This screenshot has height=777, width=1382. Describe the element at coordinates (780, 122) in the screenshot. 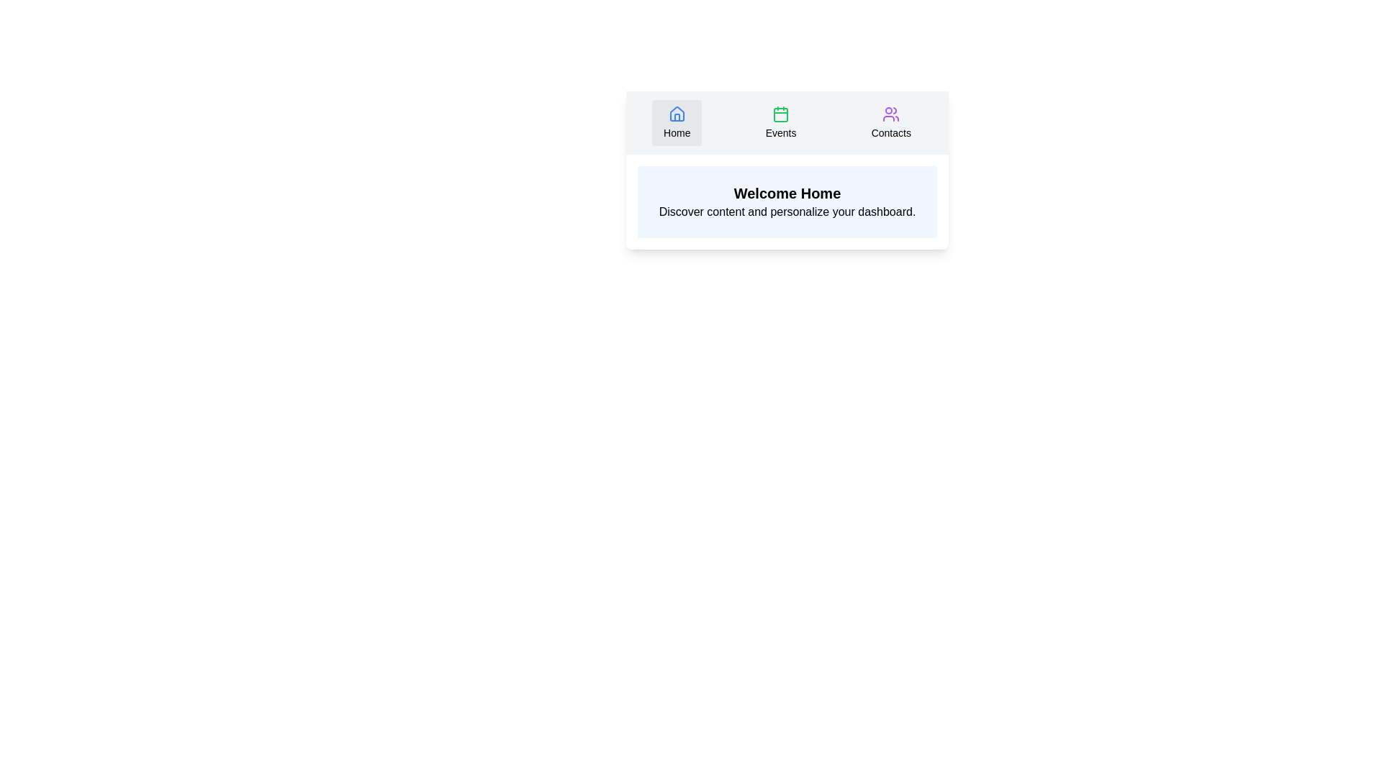

I see `the Events tab by clicking on it` at that location.